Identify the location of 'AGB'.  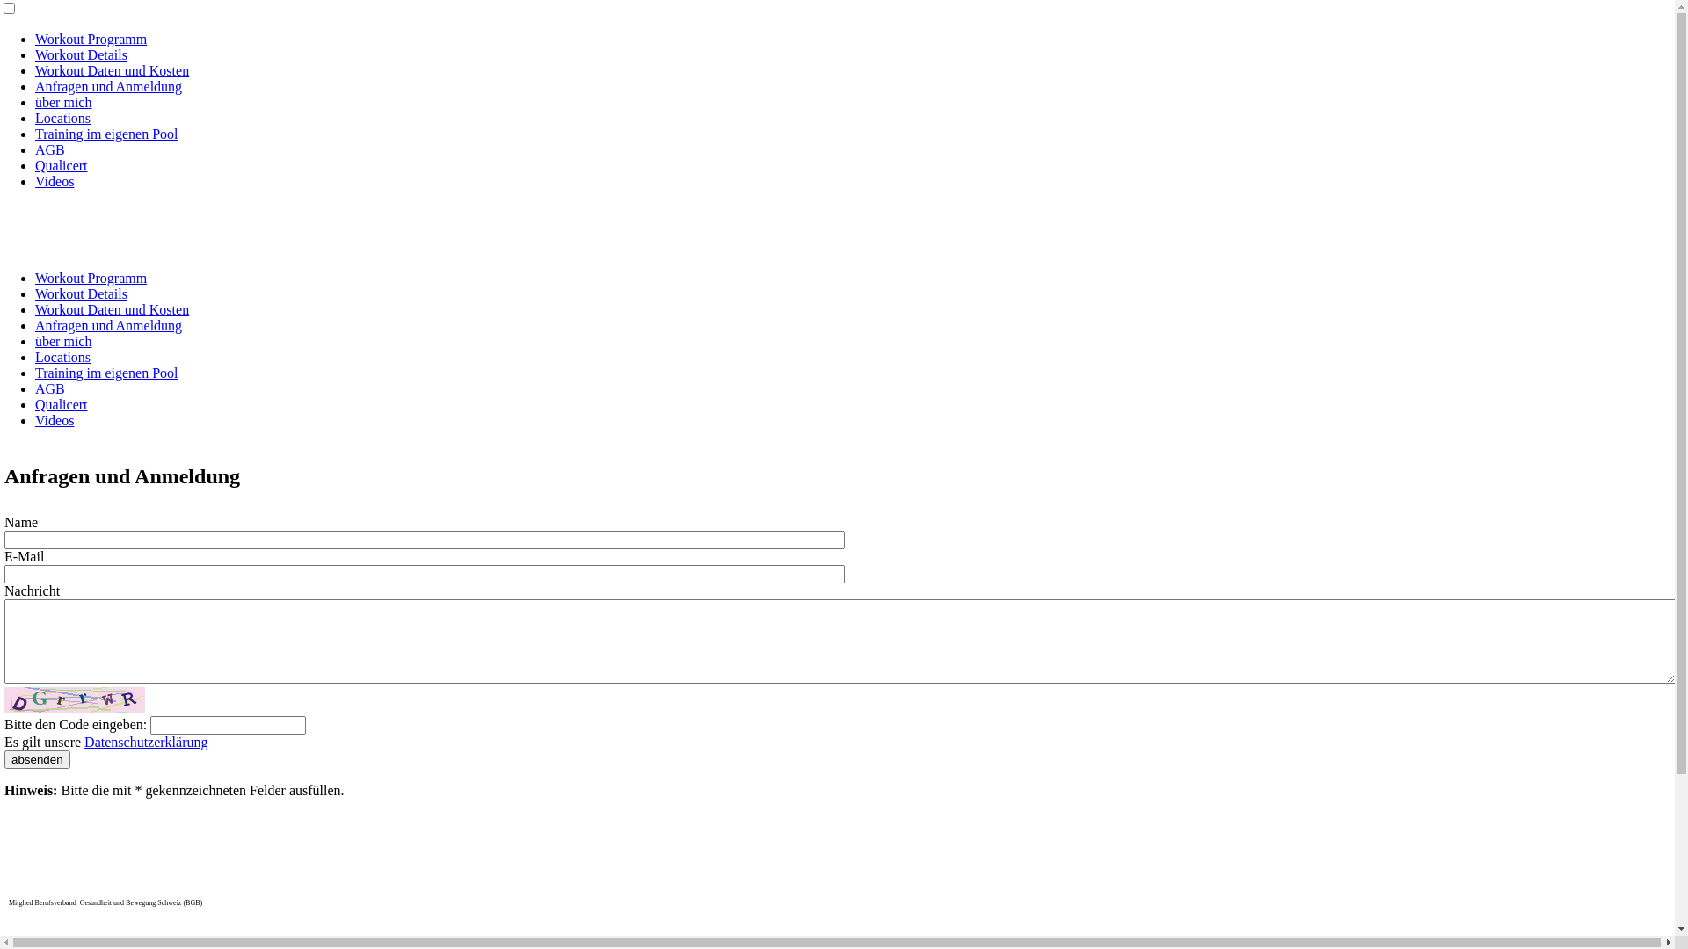
(50, 149).